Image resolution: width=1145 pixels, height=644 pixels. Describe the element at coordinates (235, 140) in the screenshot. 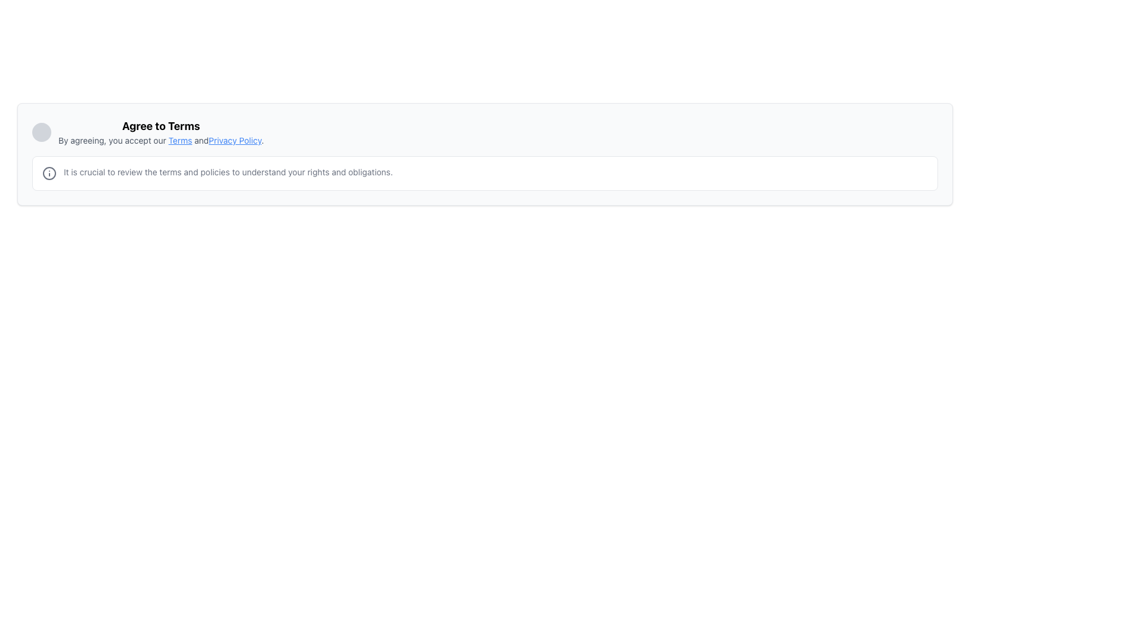

I see `the 'Privacy Policy' hyperlink, which is styled with blue text and an underline, located within the sentence under the 'Agree to Terms' heading` at that location.